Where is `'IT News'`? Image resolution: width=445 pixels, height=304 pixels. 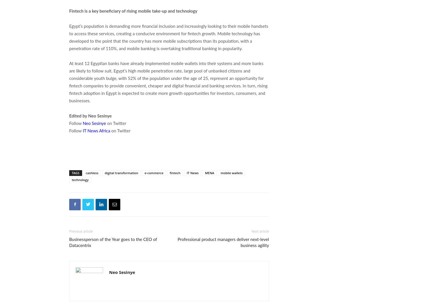 'IT News' is located at coordinates (192, 172).